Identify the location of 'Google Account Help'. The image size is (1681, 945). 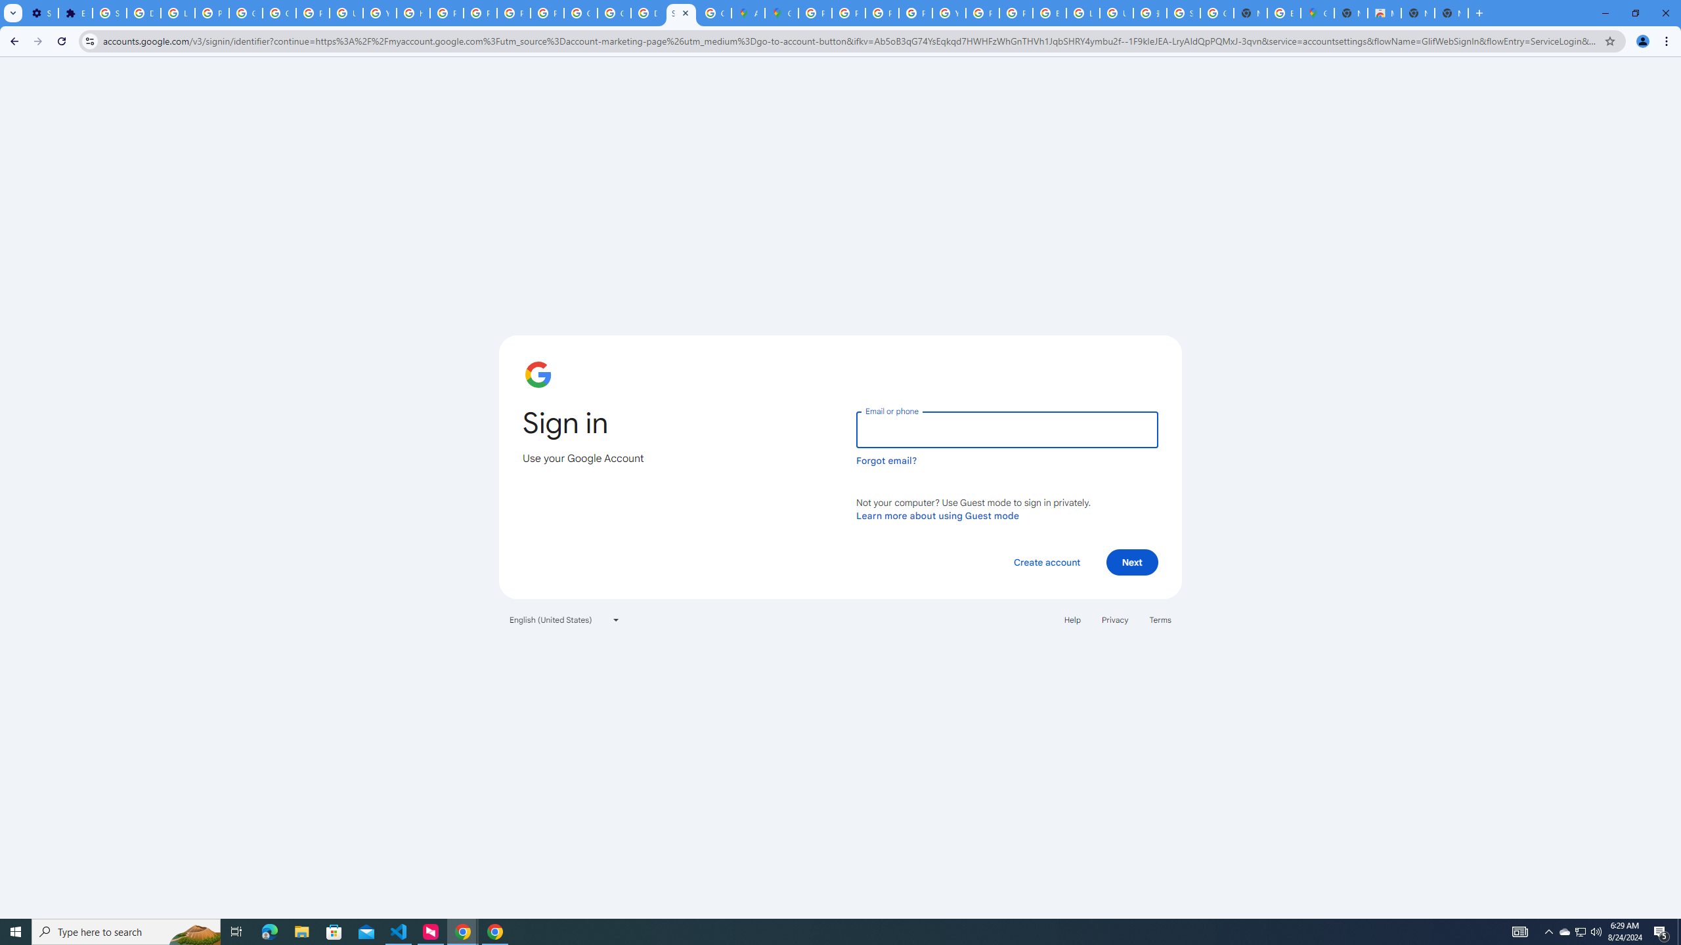
(279, 12).